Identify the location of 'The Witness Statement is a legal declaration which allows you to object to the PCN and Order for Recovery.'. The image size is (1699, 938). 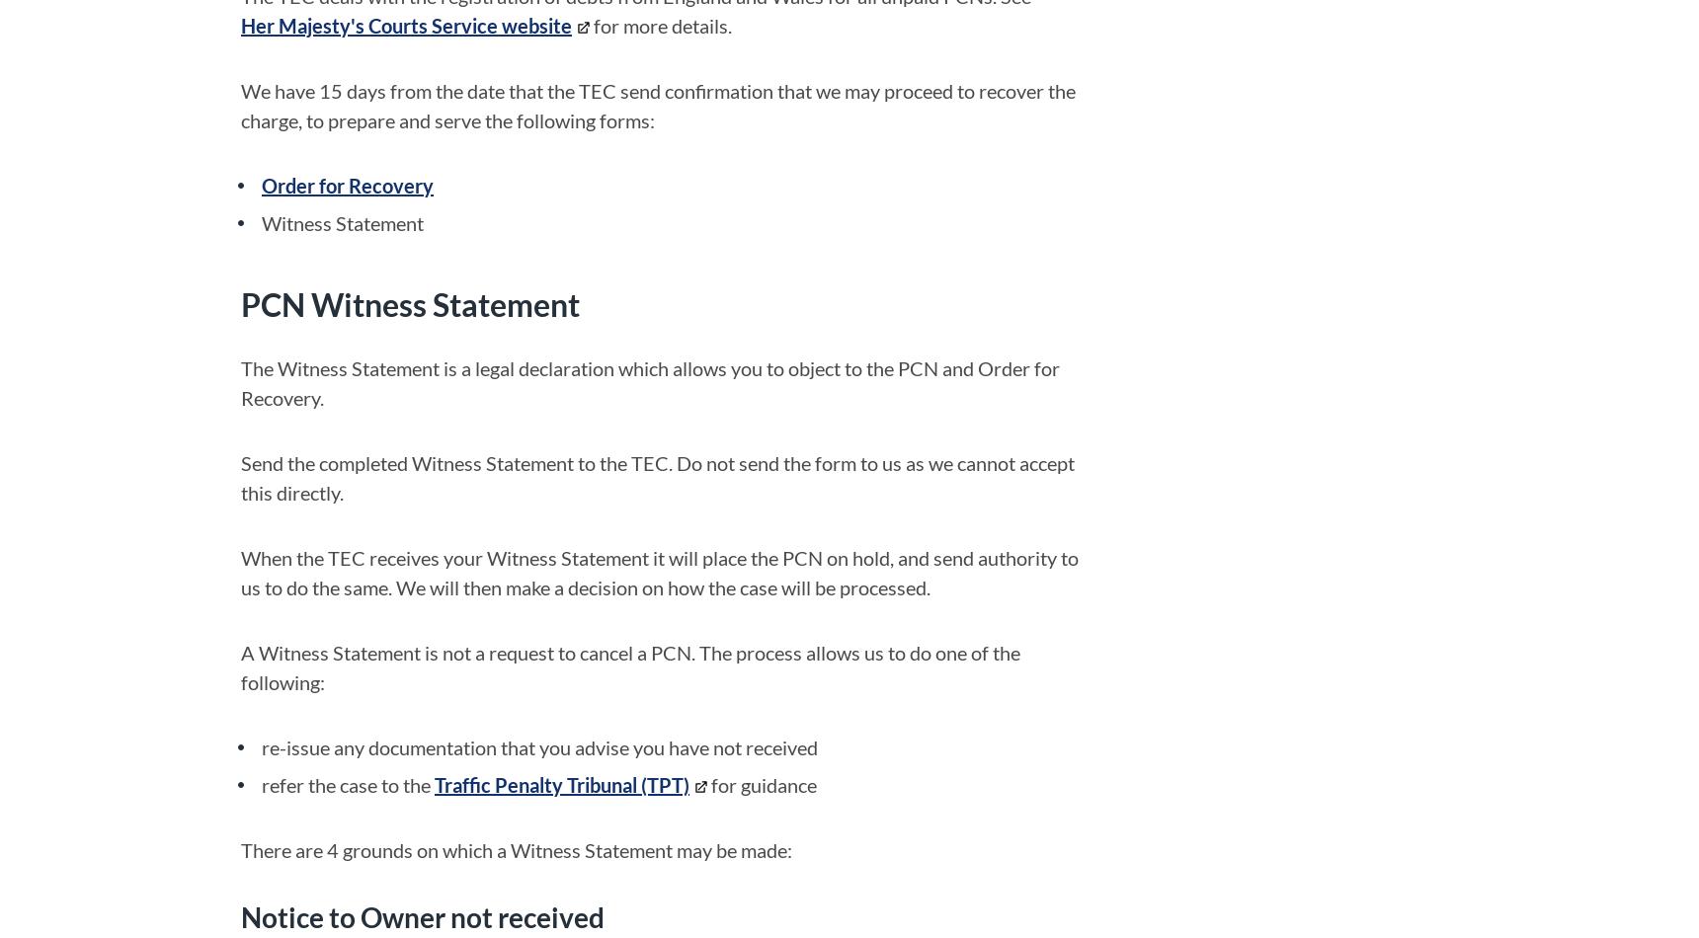
(650, 381).